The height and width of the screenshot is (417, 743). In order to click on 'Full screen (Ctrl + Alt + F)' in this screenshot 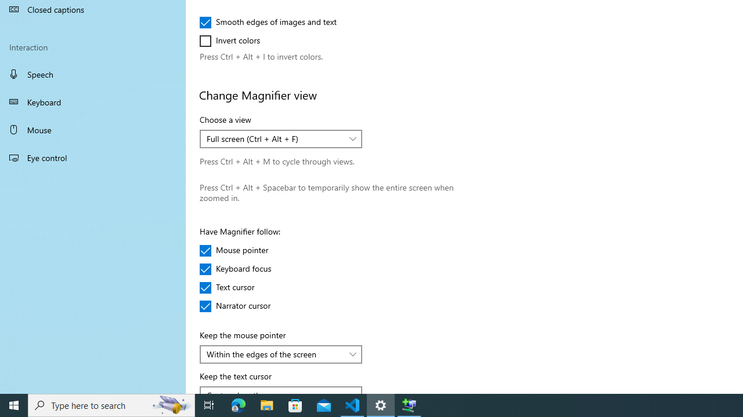, I will do `click(274, 138)`.